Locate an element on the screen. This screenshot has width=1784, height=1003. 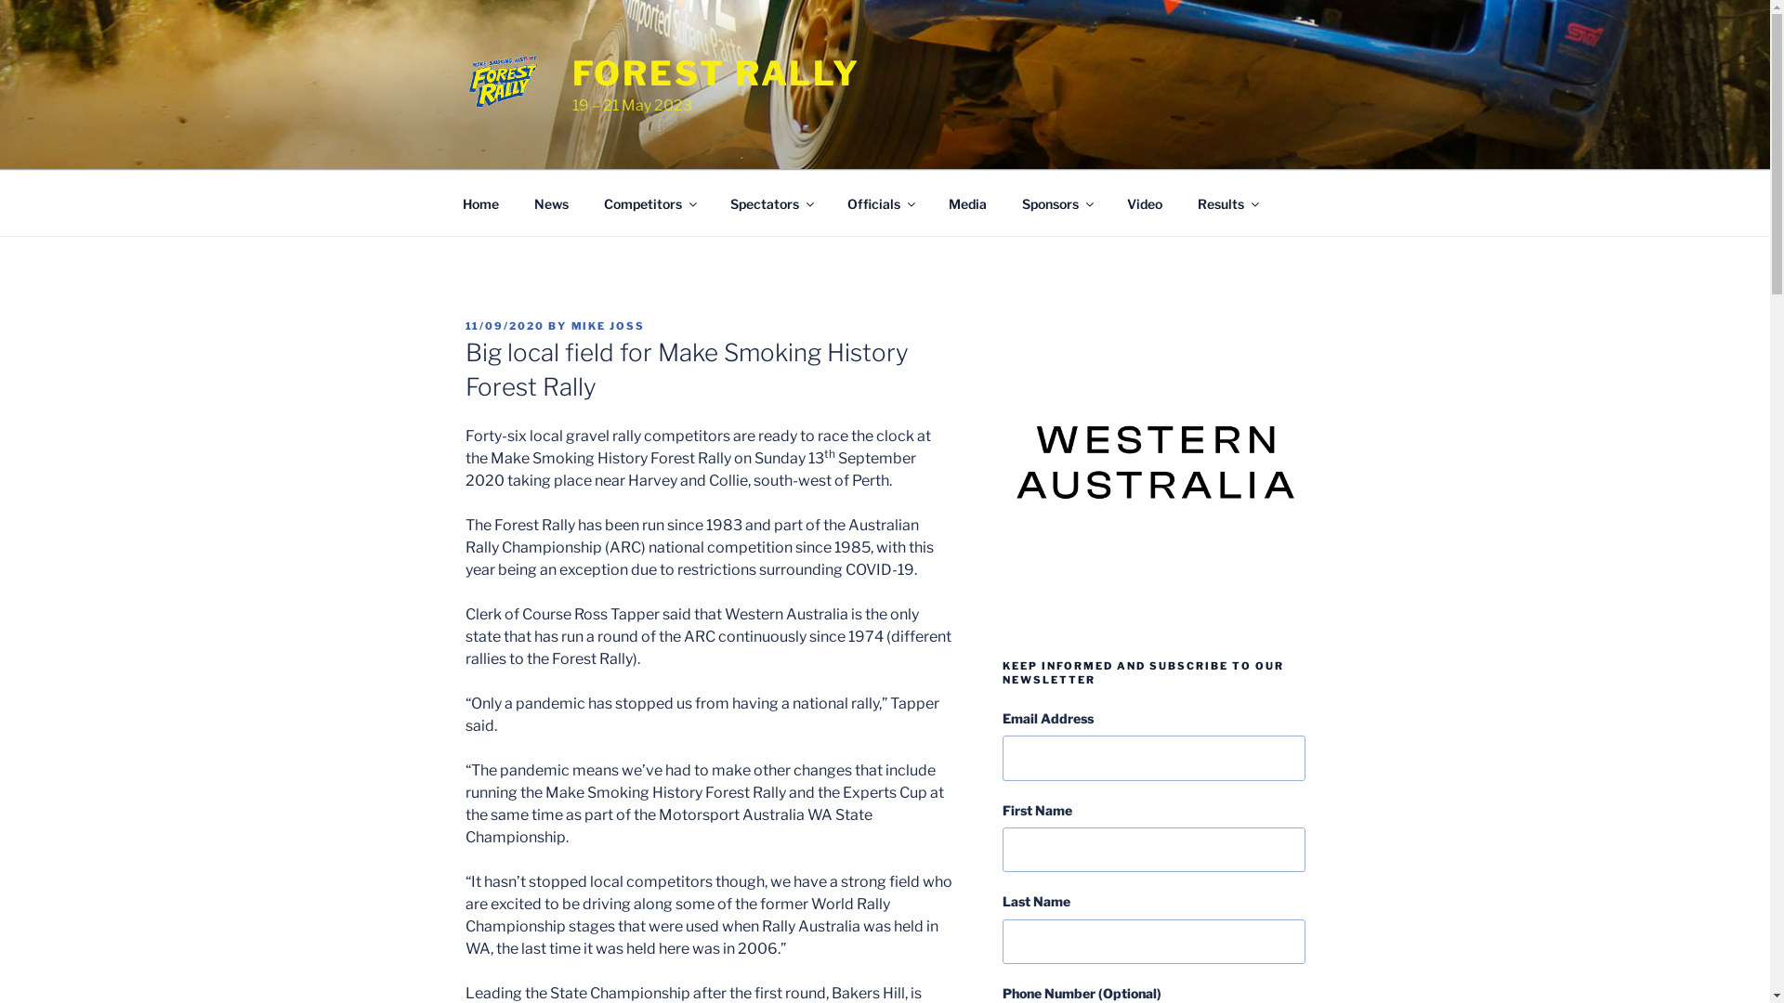
'Video' is located at coordinates (1144, 202).